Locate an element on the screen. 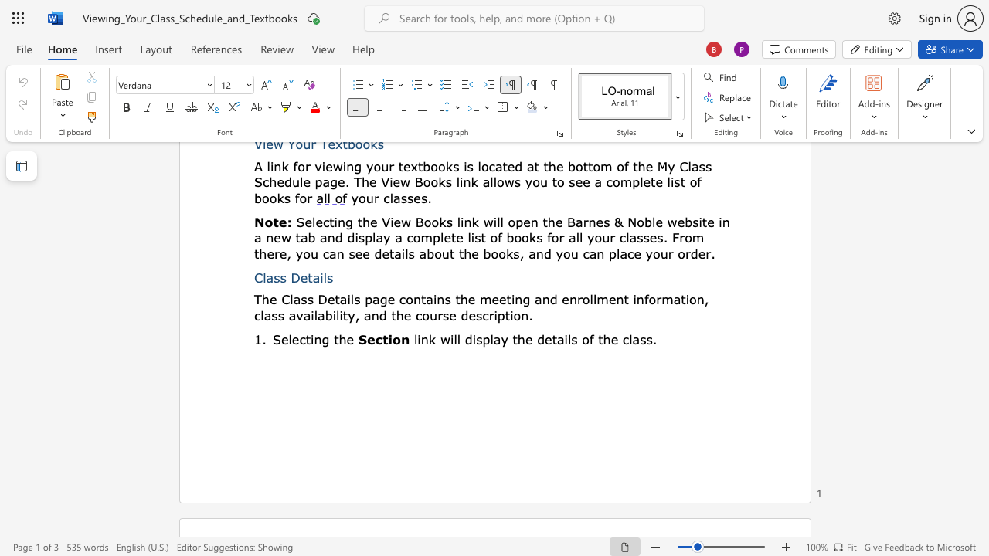 This screenshot has height=556, width=989. the 1th character "n" in the text is located at coordinates (317, 338).